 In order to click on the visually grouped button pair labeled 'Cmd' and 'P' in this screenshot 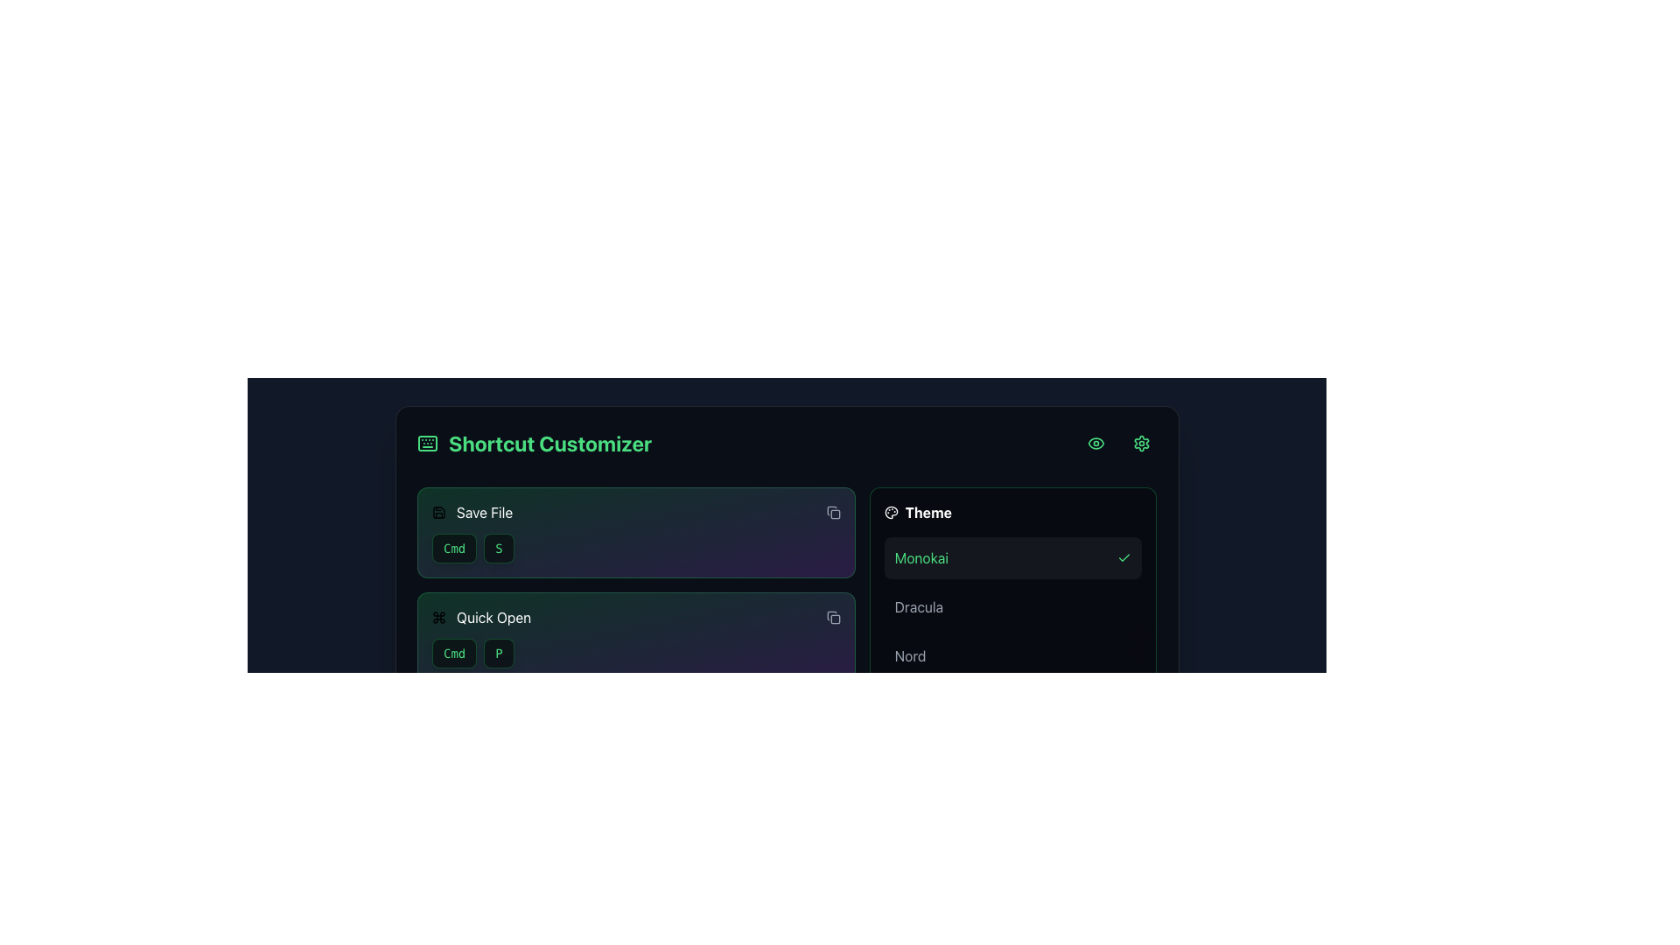, I will do `click(635, 654)`.